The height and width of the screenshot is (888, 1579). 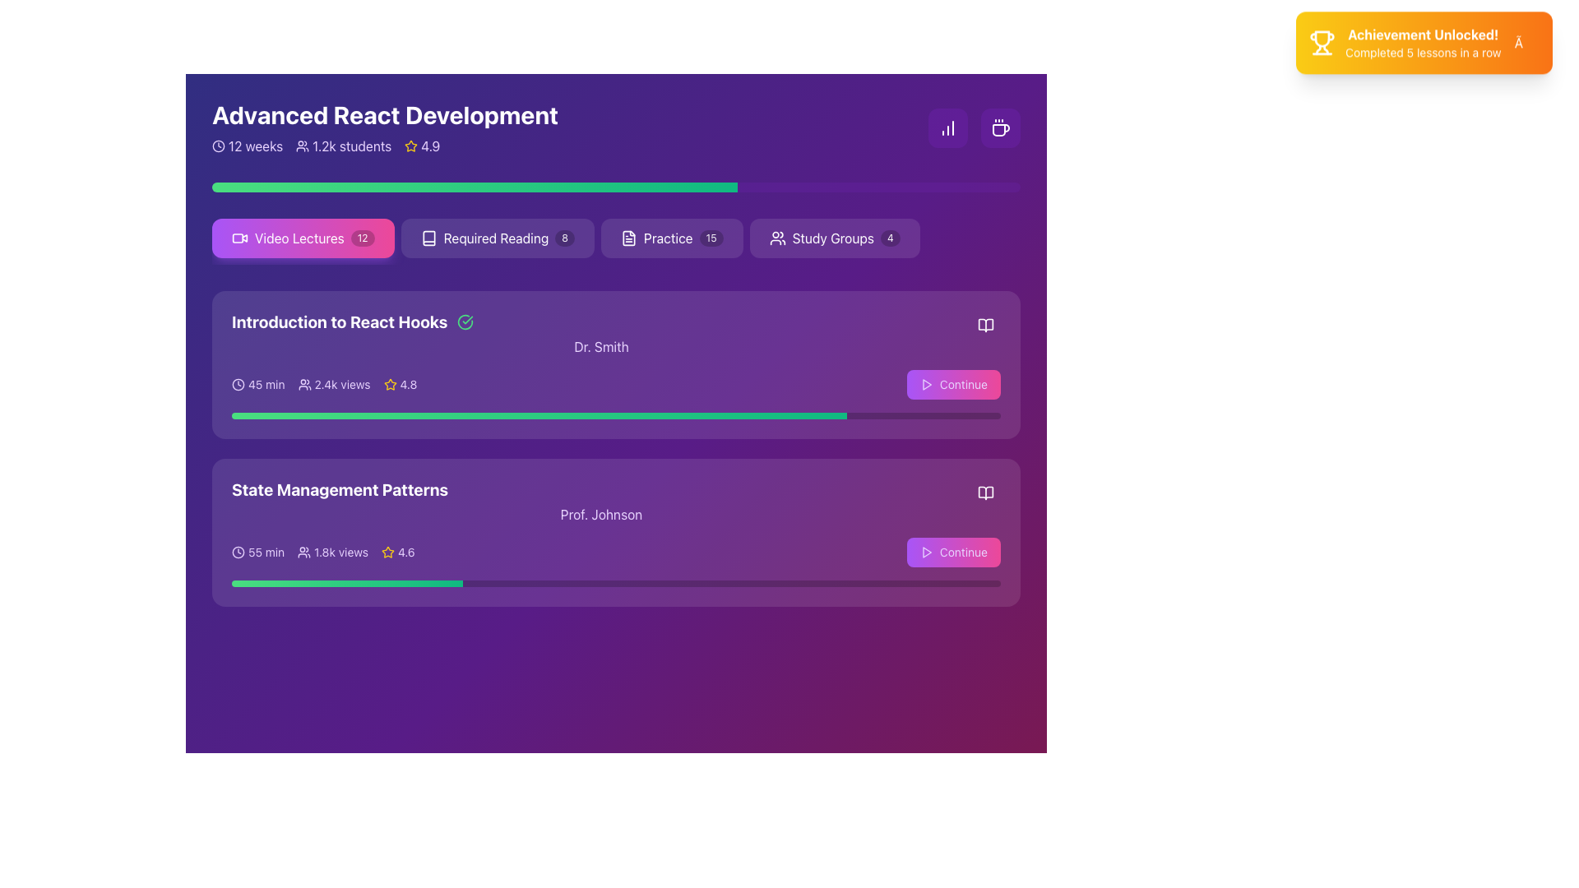 What do you see at coordinates (257, 384) in the screenshot?
I see `the Label with a clock icon and the text '45 min', which is located in the 'Introduction to React Hooks' section, positioned to the left of '2.4k views' and '4.8'` at bounding box center [257, 384].